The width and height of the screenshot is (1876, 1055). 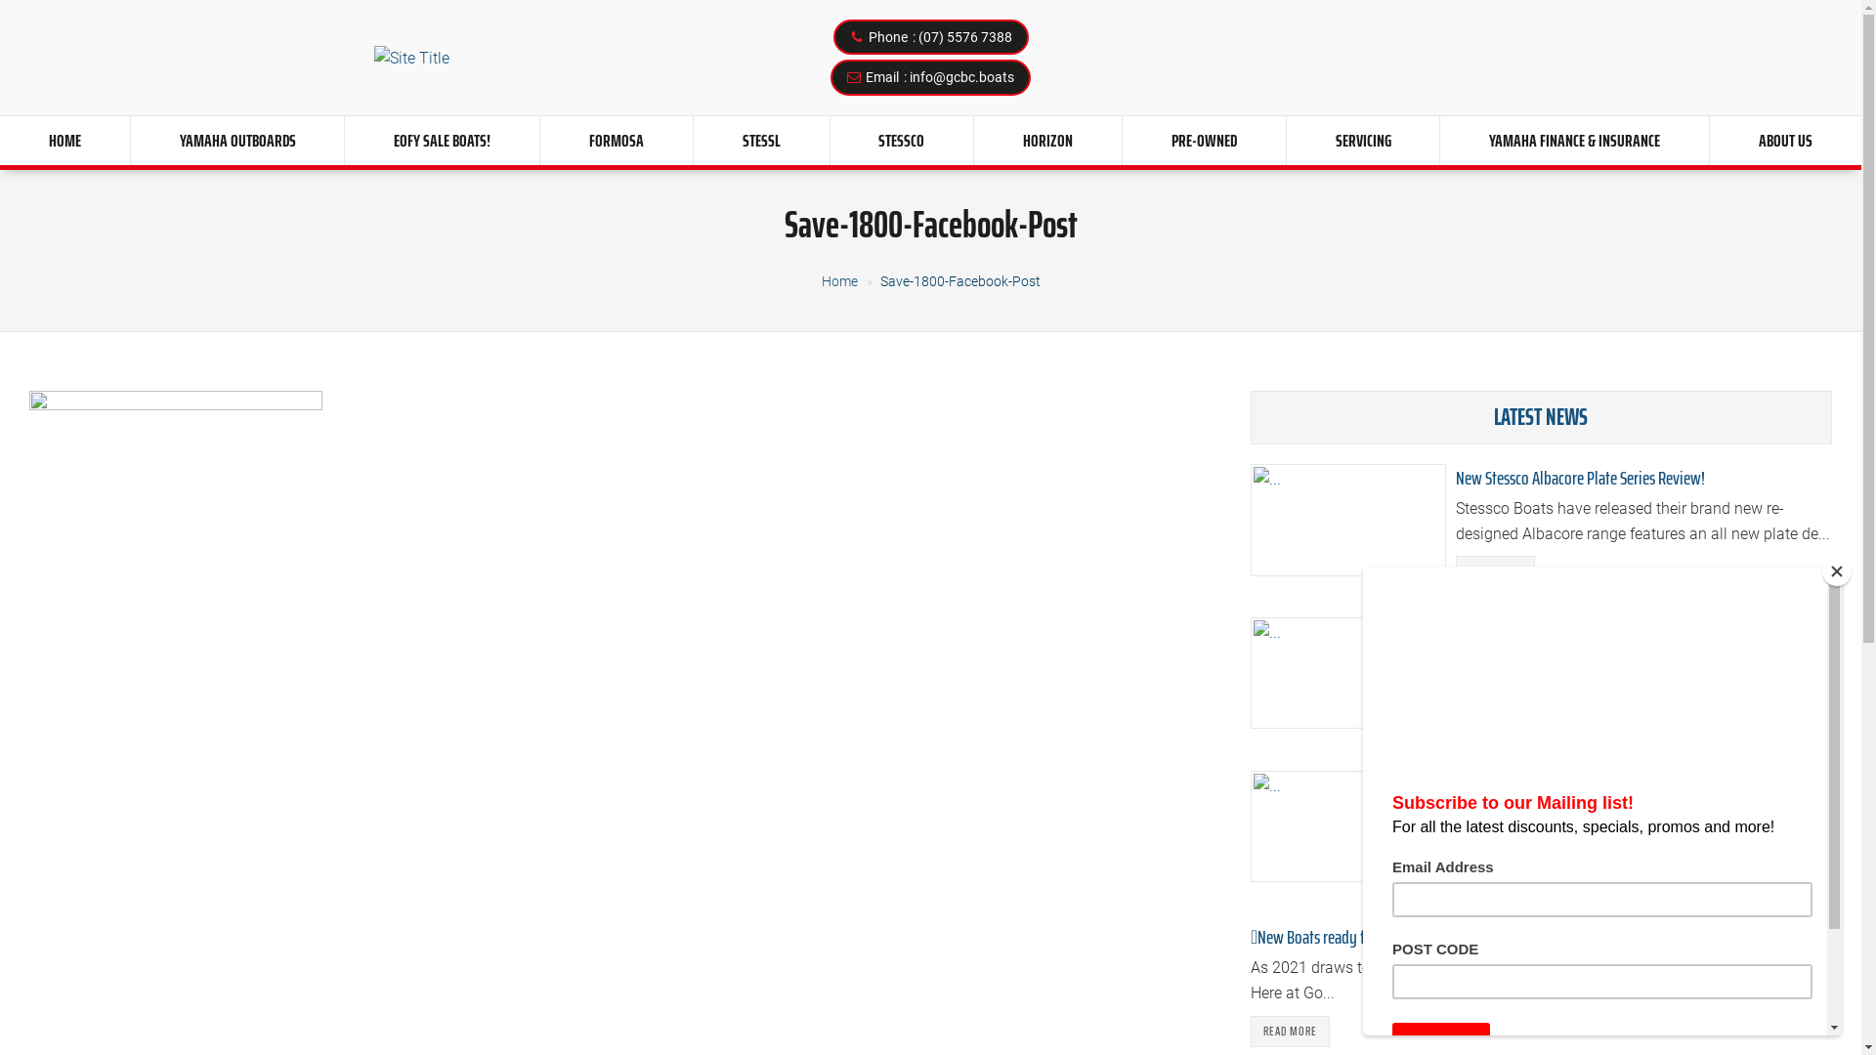 What do you see at coordinates (1362, 139) in the screenshot?
I see `'SERVICING'` at bounding box center [1362, 139].